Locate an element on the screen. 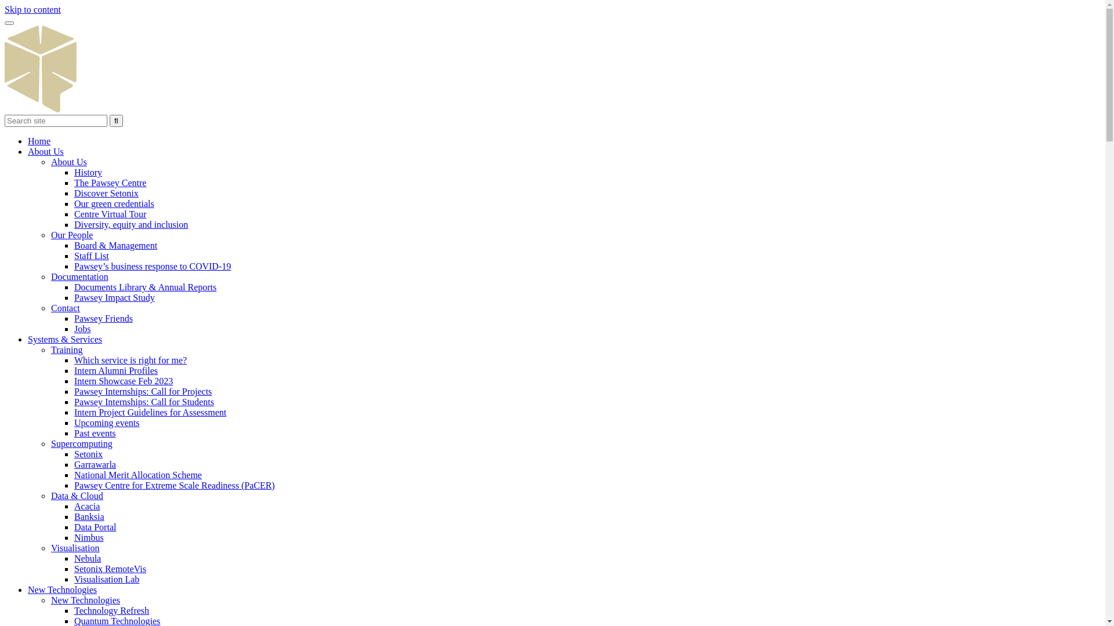  'Our green credentials' is located at coordinates (74, 203).